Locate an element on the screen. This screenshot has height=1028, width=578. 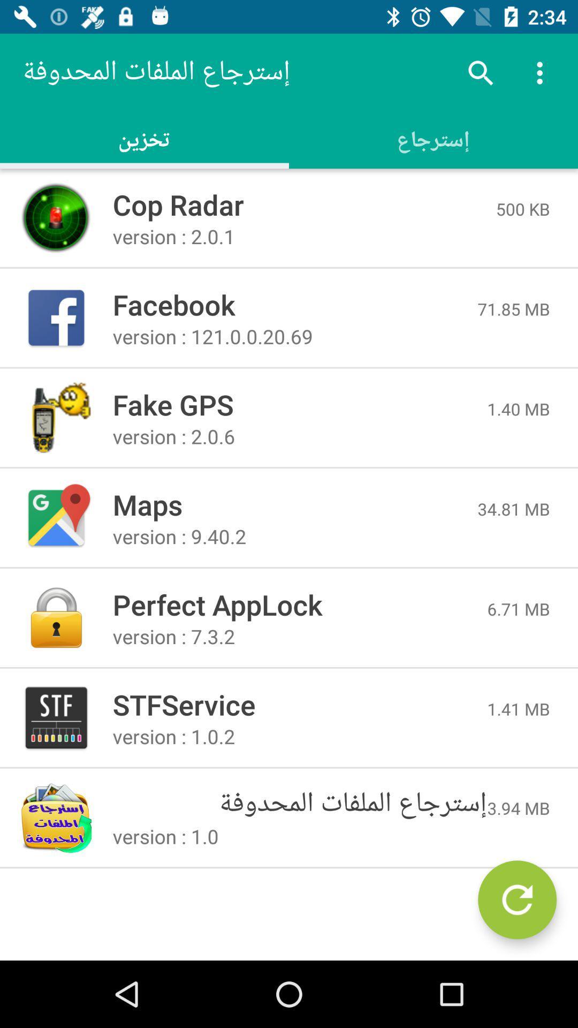
facebook item is located at coordinates (295, 304).